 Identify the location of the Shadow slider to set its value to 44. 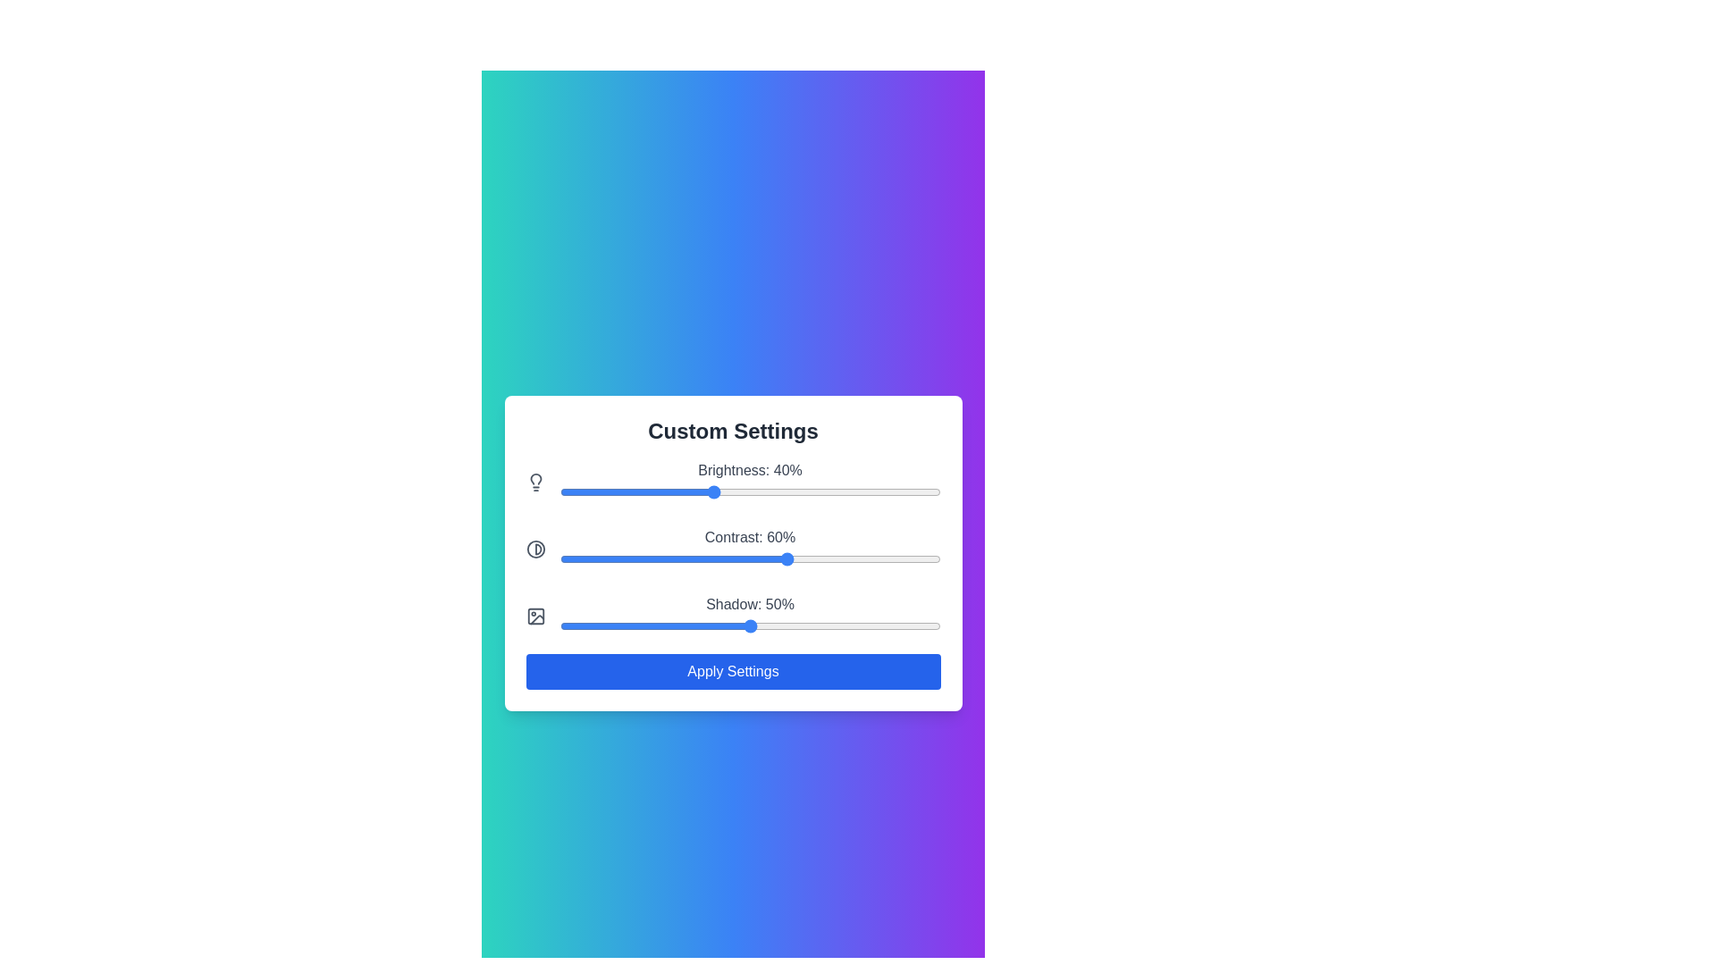
(727, 625).